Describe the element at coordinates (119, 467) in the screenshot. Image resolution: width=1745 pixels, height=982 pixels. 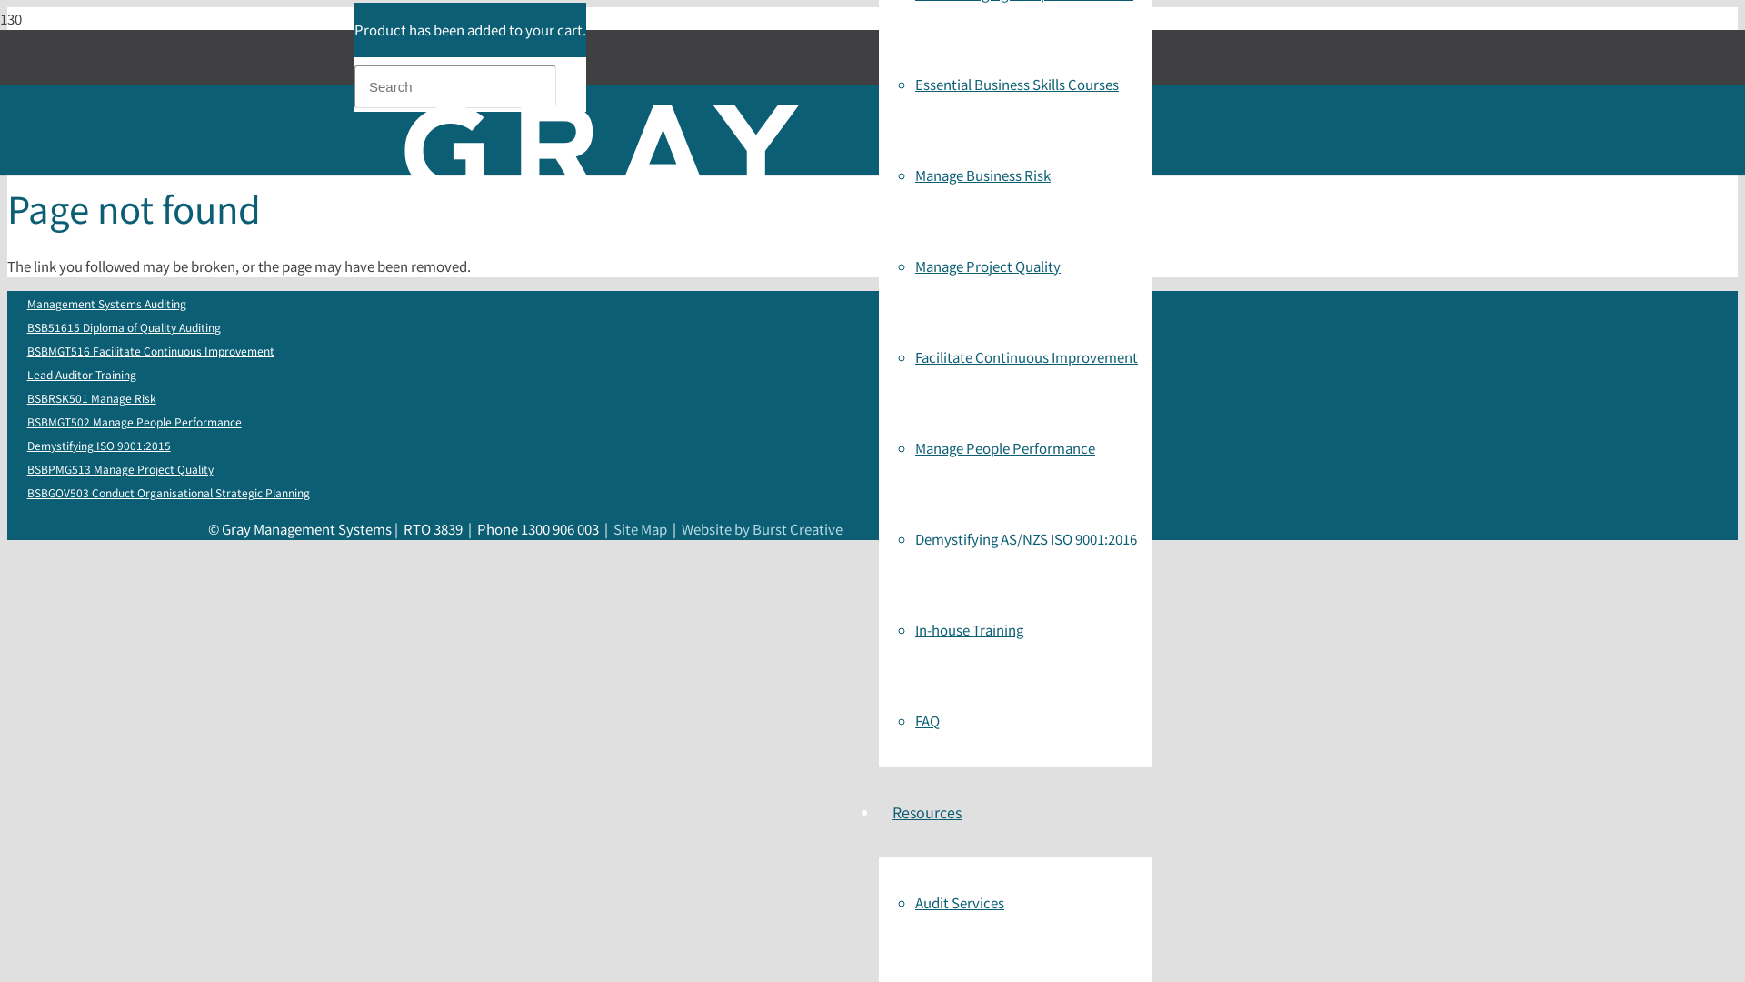
I see `'BSBPMG513 Manage Project Quality'` at that location.